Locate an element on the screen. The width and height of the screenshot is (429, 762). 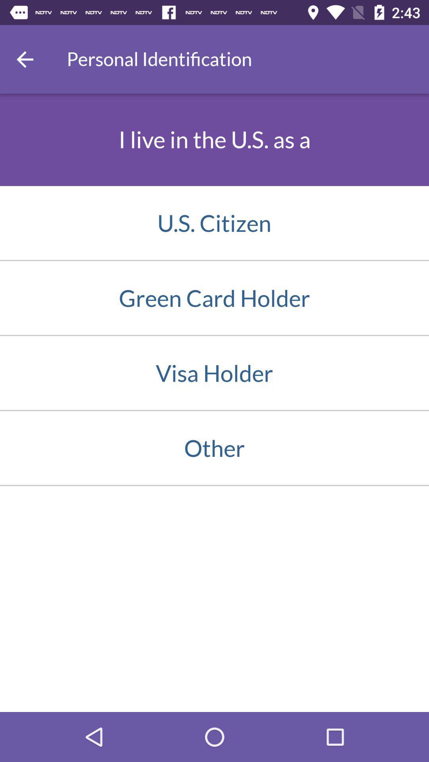
the icon at the top left corner is located at coordinates (24, 59).